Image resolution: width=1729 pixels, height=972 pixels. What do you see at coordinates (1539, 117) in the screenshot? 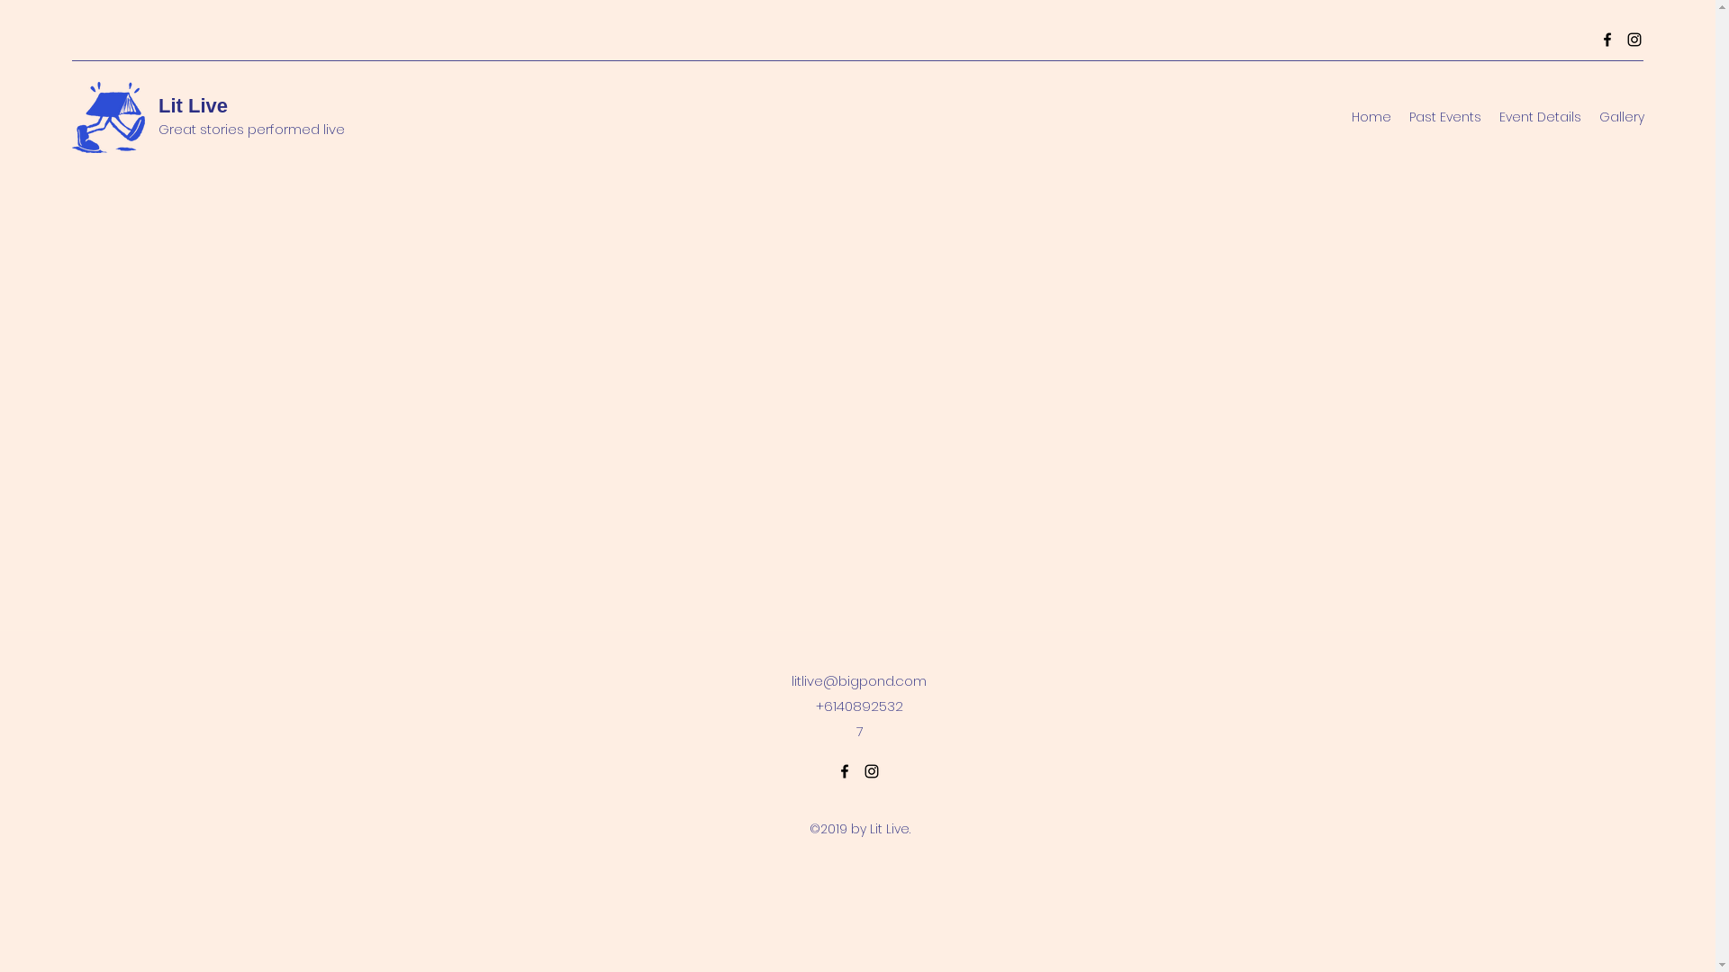
I see `'Event Details'` at bounding box center [1539, 117].